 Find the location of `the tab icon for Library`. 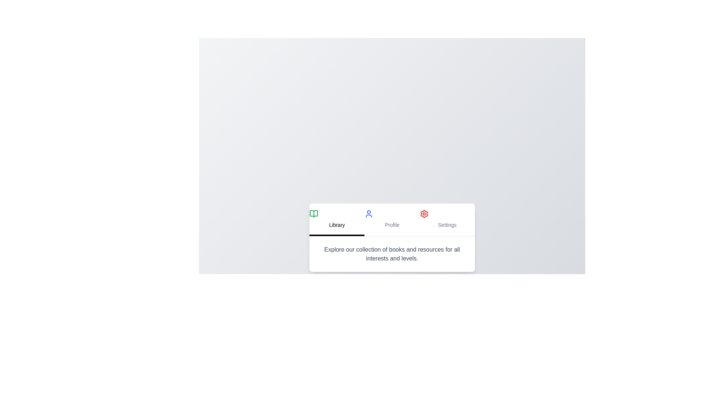

the tab icon for Library is located at coordinates (314, 214).